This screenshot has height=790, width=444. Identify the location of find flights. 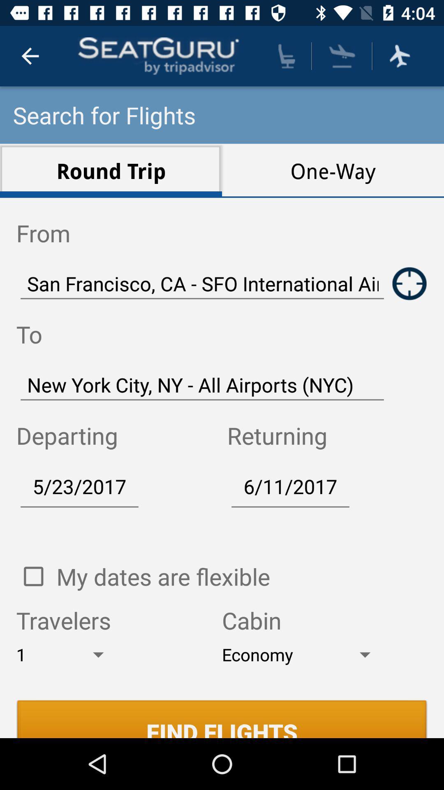
(222, 718).